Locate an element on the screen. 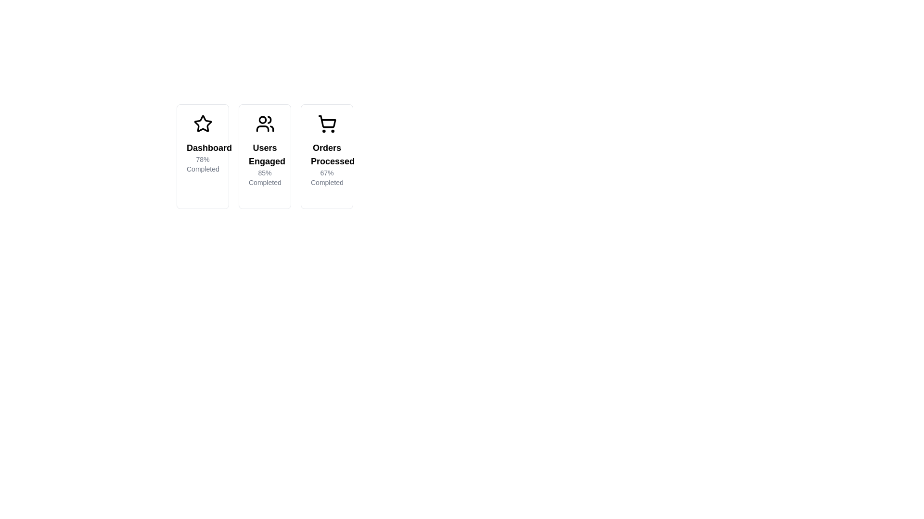 This screenshot has height=519, width=924. the progress bar display is located at coordinates (311, 196).